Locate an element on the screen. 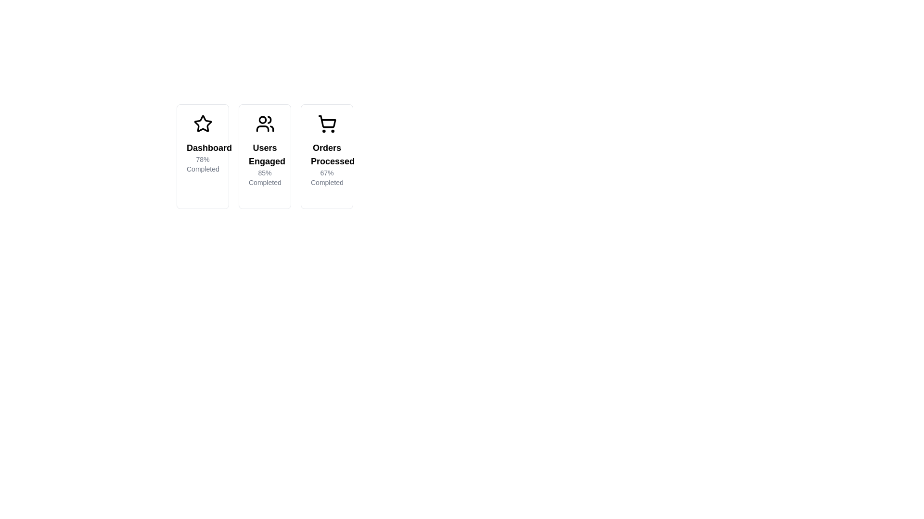 This screenshot has height=519, width=924. the progress bar display is located at coordinates (311, 196).